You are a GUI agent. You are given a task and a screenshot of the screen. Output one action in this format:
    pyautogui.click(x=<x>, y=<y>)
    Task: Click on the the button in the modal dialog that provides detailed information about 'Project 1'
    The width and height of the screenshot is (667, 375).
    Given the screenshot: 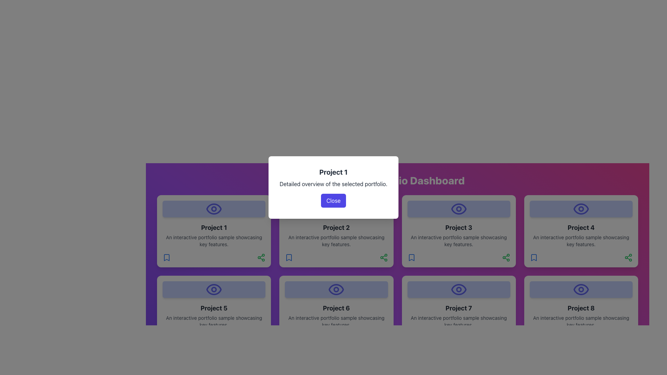 What is the action you would take?
    pyautogui.click(x=333, y=187)
    